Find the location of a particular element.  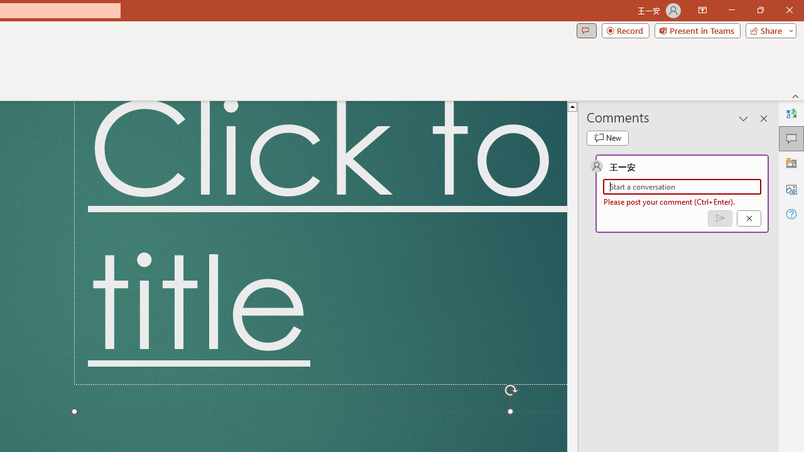

'Line up' is located at coordinates (572, 105).